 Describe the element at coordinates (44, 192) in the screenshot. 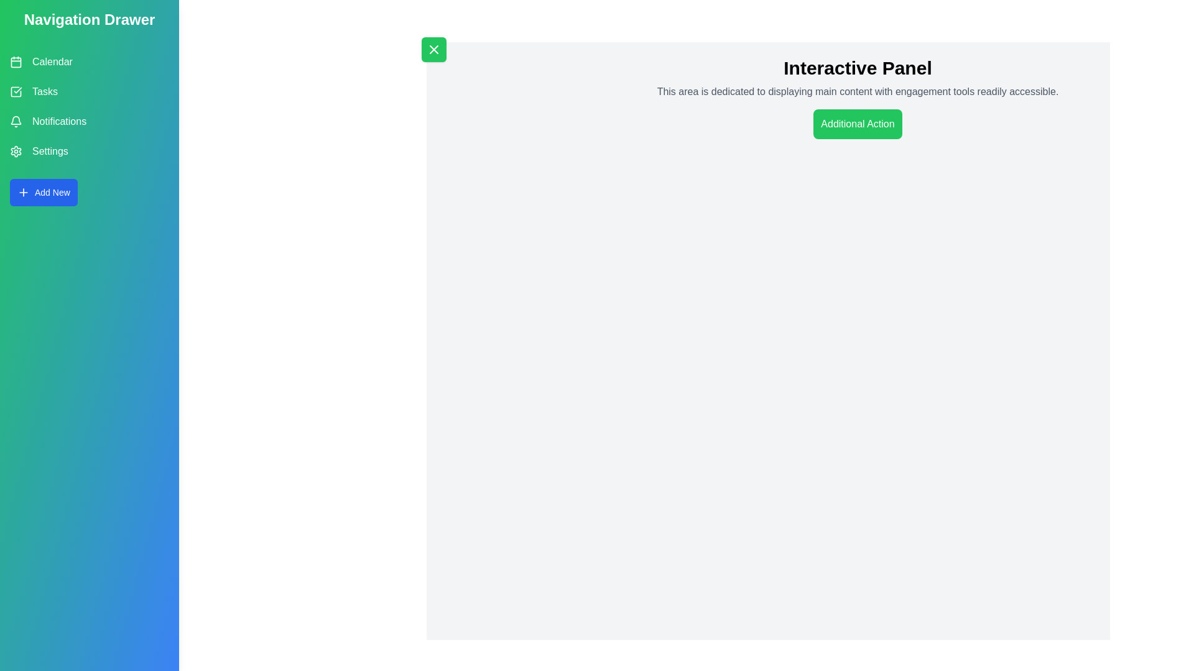

I see `the 'Add New' button, which is a rectangular button with rounded borders, blue background, and white text, located in the left navigation drawer below other options` at that location.